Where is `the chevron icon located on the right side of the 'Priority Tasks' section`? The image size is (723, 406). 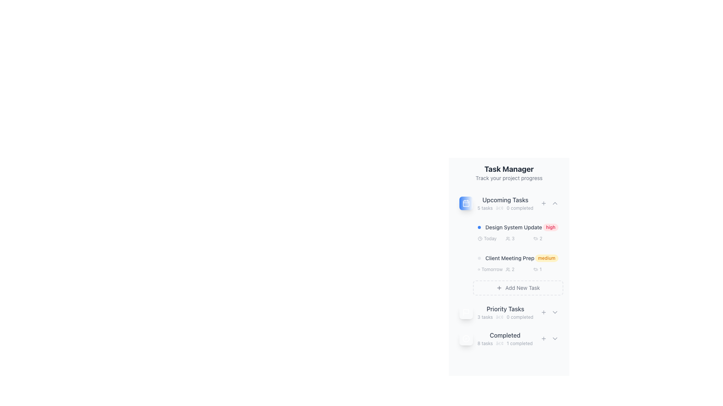 the chevron icon located on the right side of the 'Priority Tasks' section is located at coordinates (555, 312).